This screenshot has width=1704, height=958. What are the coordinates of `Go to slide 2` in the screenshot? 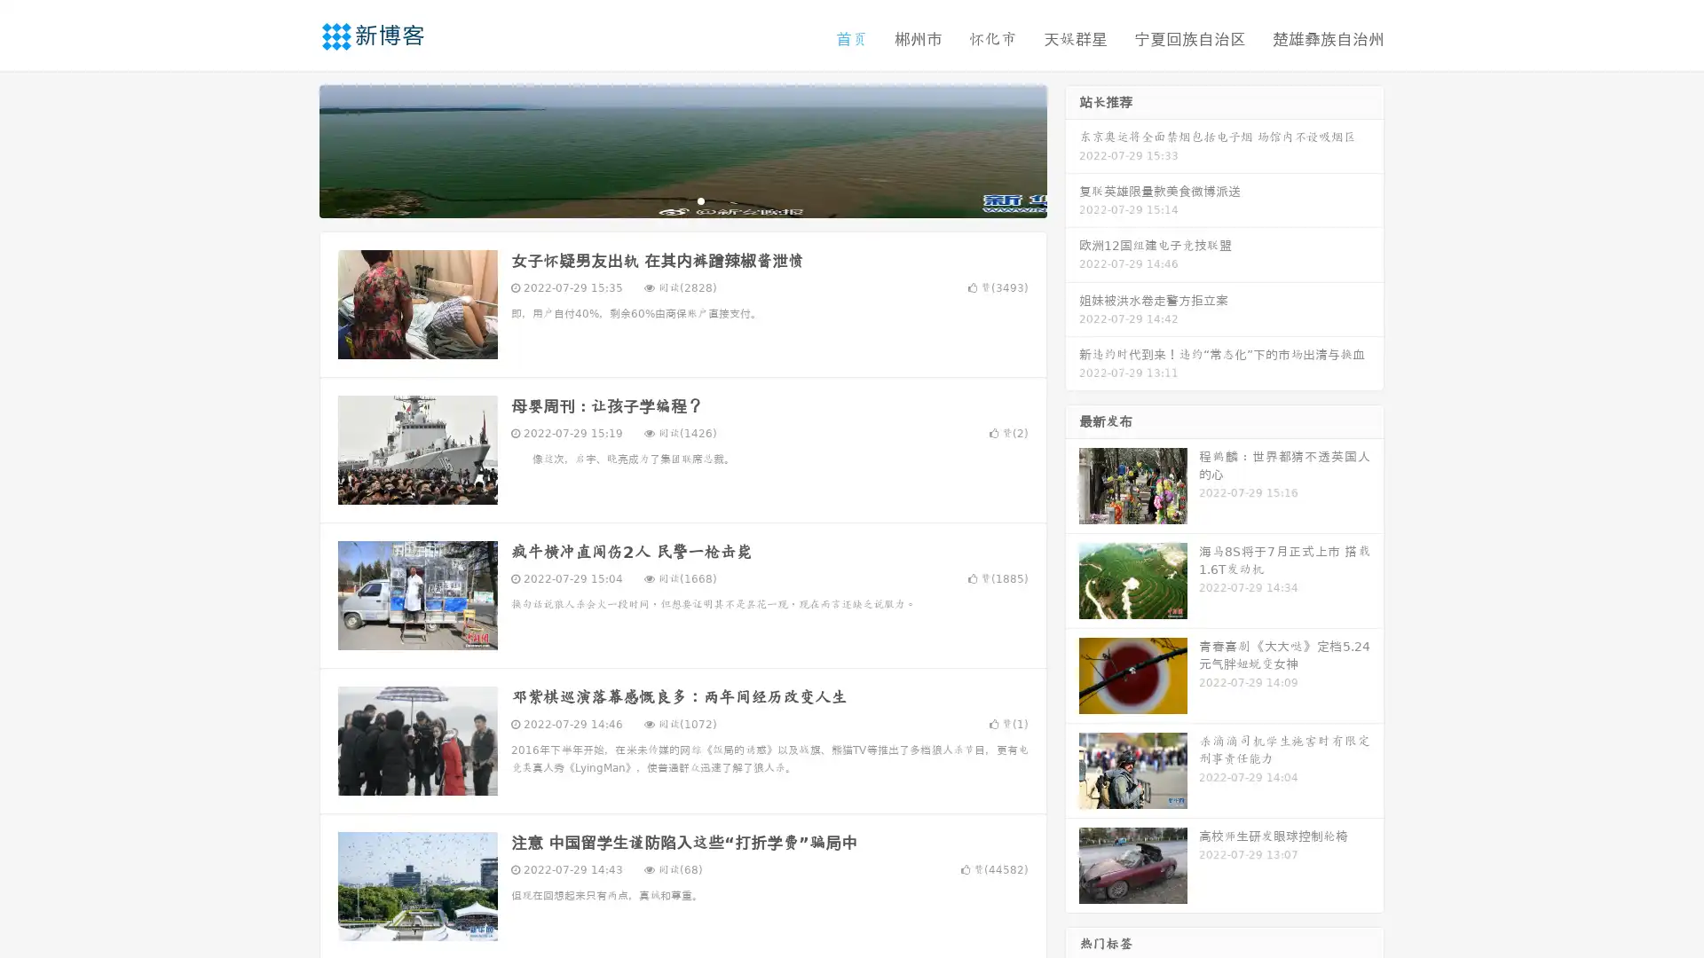 It's located at (682, 200).